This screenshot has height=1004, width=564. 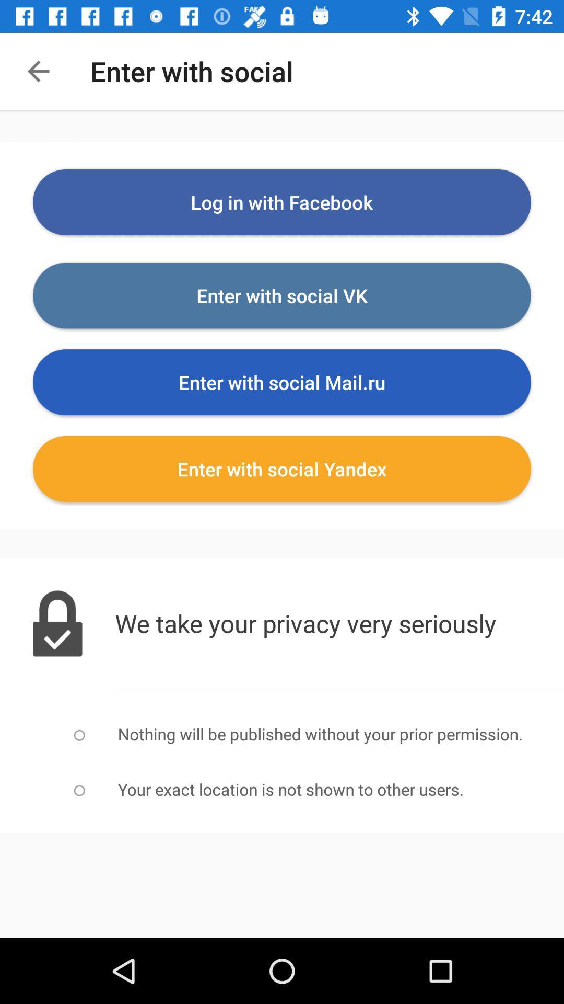 I want to click on item next to the enter with social item, so click(x=38, y=71).